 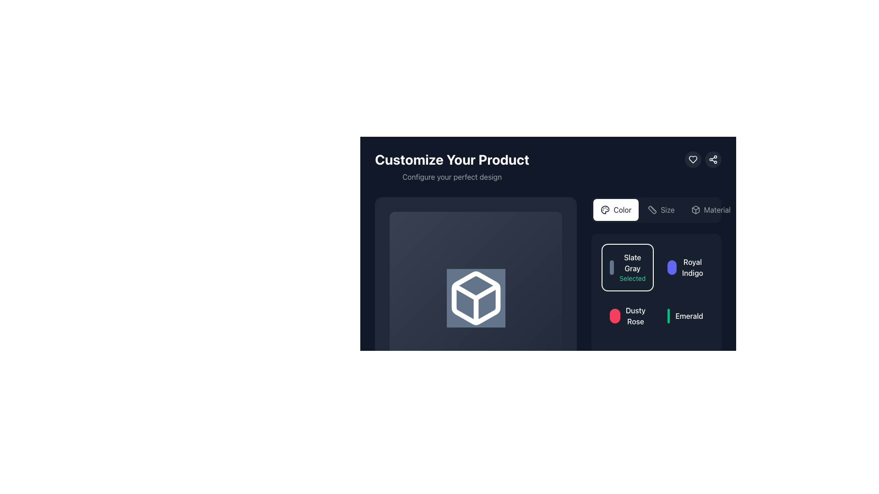 What do you see at coordinates (656, 210) in the screenshot?
I see `the 'Size' button on the Tab selector` at bounding box center [656, 210].